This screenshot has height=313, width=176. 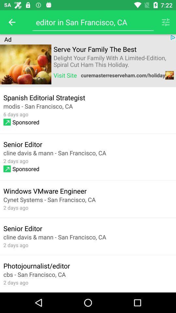 I want to click on the visit site, so click(x=65, y=75).